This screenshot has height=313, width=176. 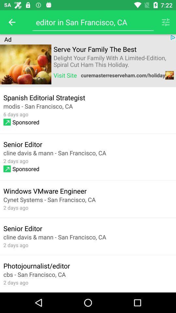 I want to click on the visit site, so click(x=65, y=75).